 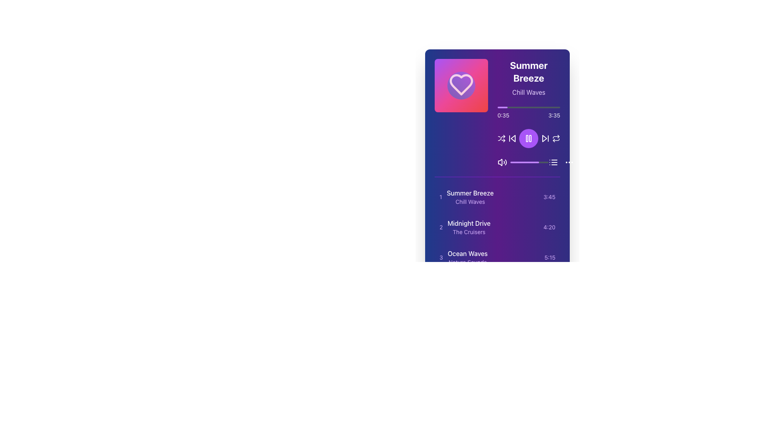 What do you see at coordinates (537, 162) in the screenshot?
I see `the slider value` at bounding box center [537, 162].